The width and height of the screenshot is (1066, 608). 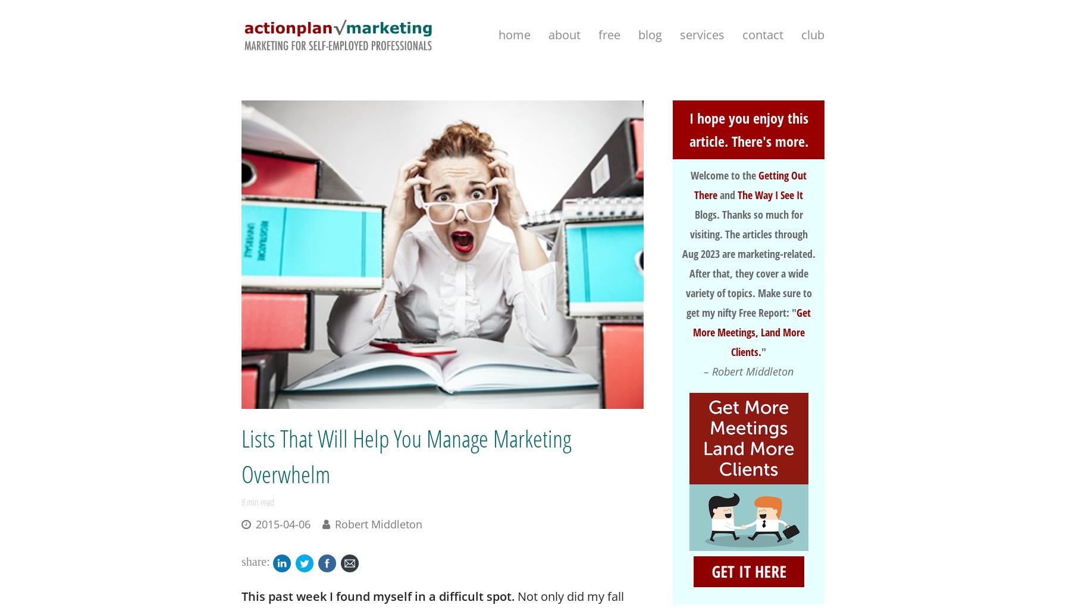 What do you see at coordinates (378, 524) in the screenshot?
I see `'Robert Middleton'` at bounding box center [378, 524].